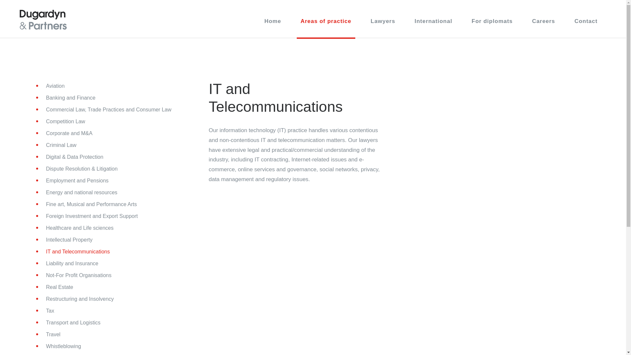  What do you see at coordinates (36, 181) in the screenshot?
I see `'Employment and Pensions'` at bounding box center [36, 181].